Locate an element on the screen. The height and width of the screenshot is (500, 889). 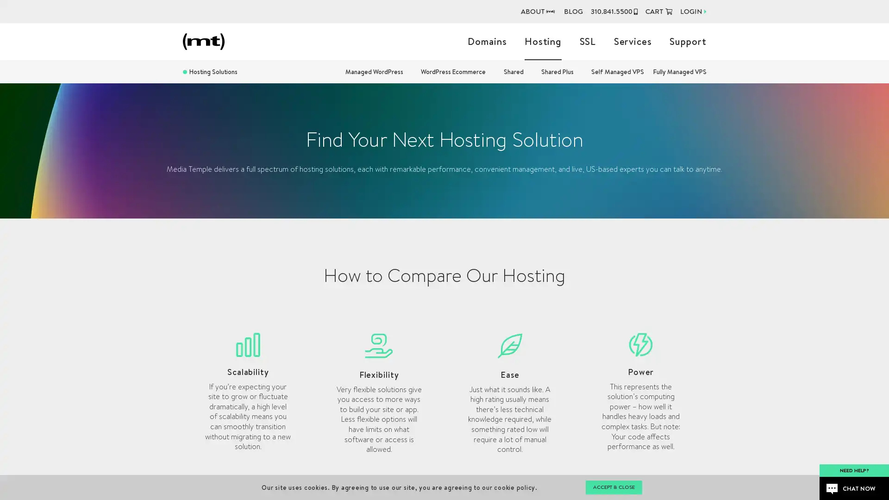
ACCEPT & CLOSE is located at coordinates (613, 487).